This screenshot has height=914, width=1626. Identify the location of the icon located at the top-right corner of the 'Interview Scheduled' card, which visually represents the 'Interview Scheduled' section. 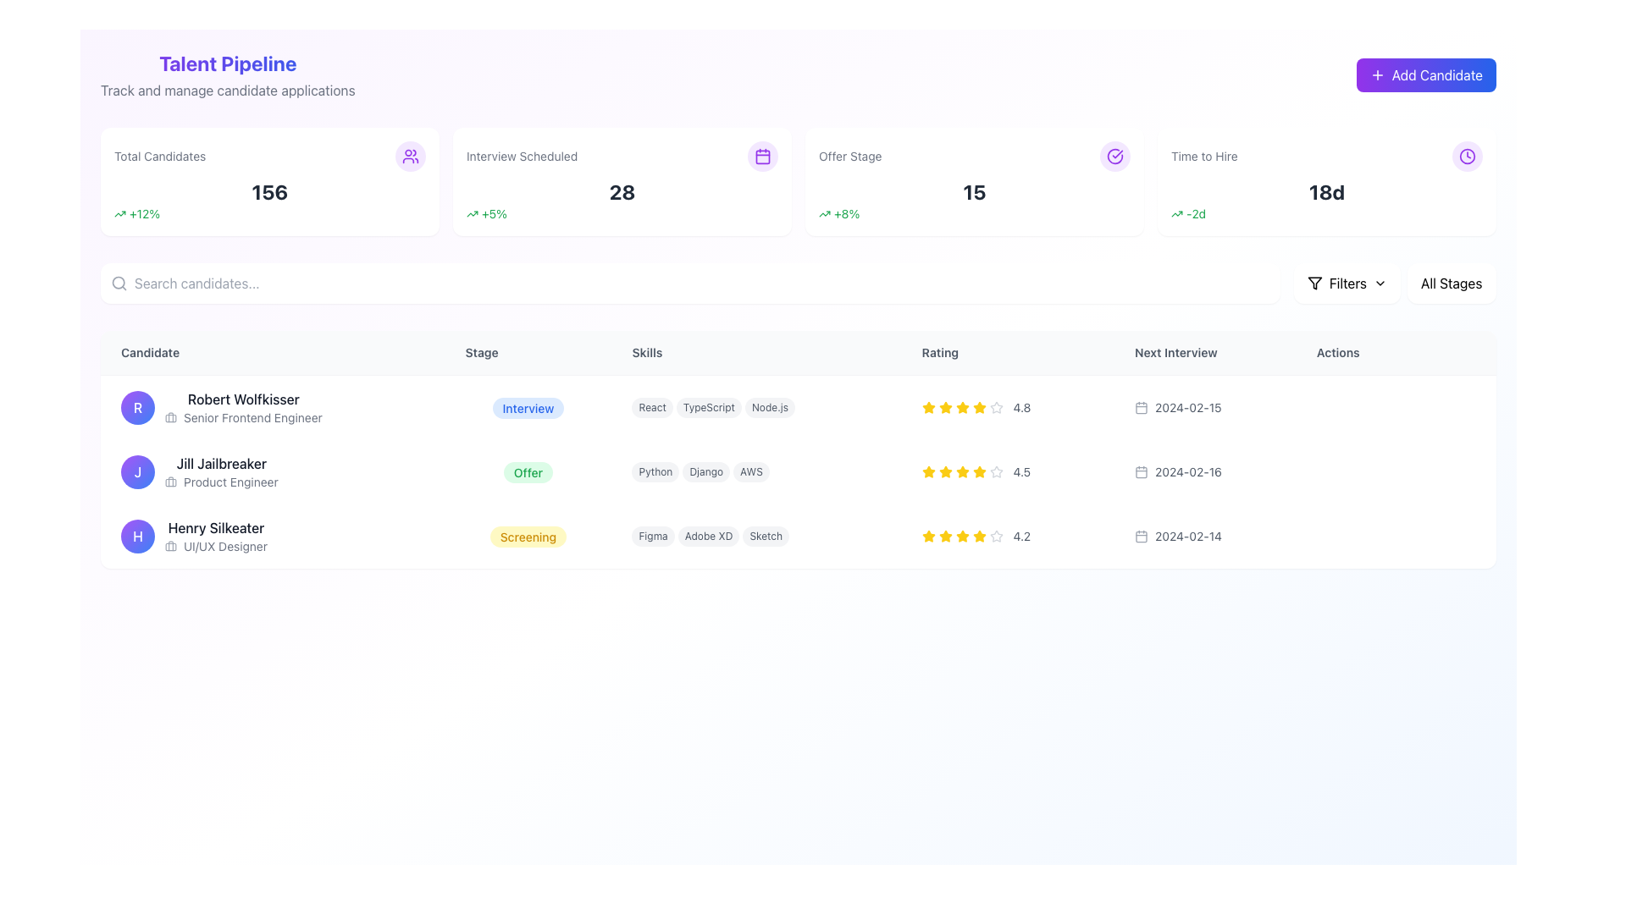
(762, 157).